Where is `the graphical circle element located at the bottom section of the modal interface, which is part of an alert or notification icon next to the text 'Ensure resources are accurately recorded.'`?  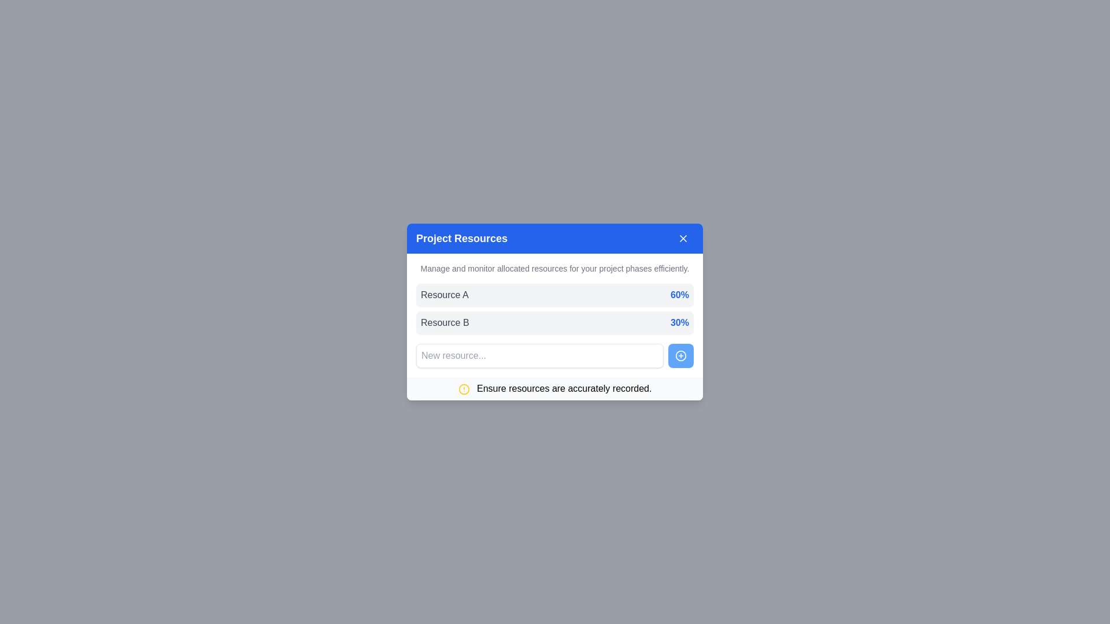
the graphical circle element located at the bottom section of the modal interface, which is part of an alert or notification icon next to the text 'Ensure resources are accurately recorded.' is located at coordinates (464, 389).